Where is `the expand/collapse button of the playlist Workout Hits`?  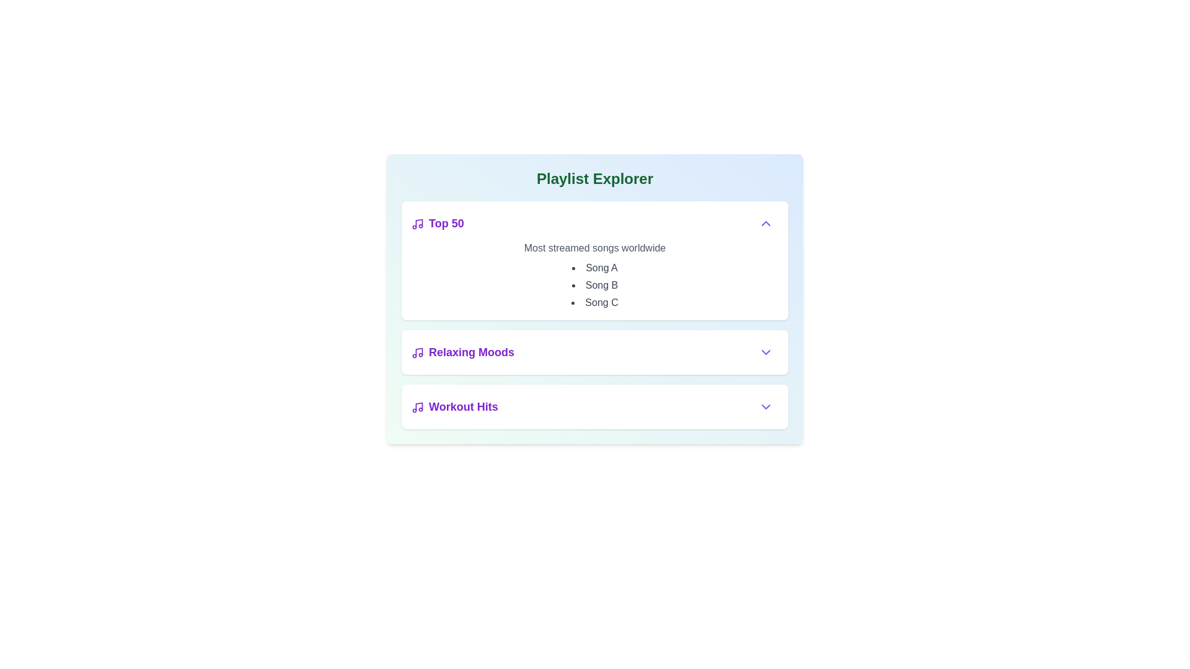
the expand/collapse button of the playlist Workout Hits is located at coordinates (765, 406).